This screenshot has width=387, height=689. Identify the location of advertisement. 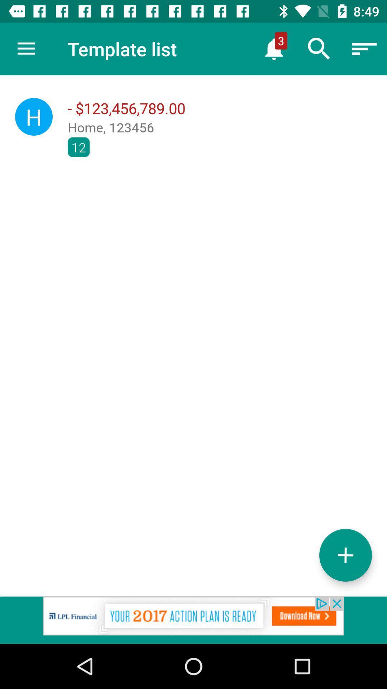
(193, 620).